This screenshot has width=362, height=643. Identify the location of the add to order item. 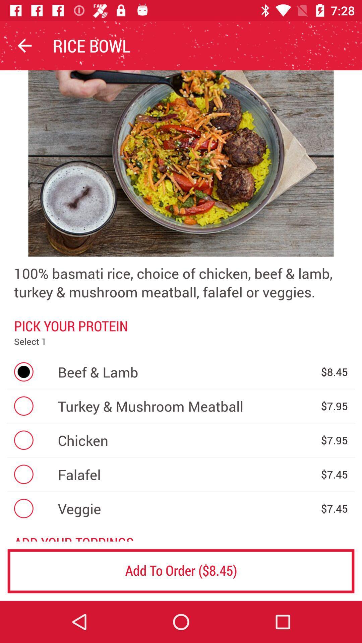
(181, 571).